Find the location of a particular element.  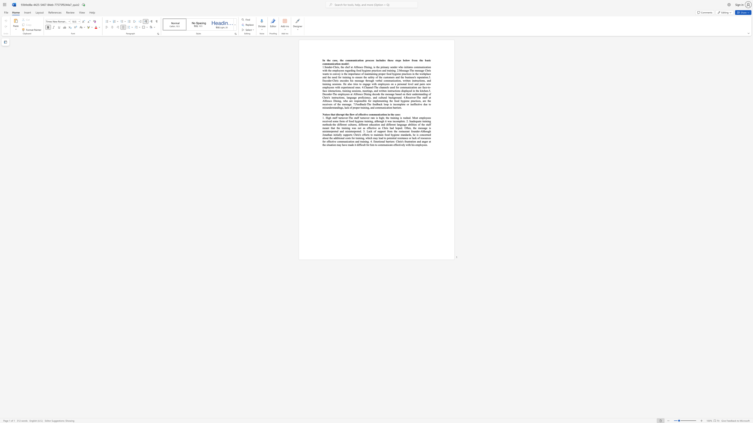

the 1th character "s" in the text is located at coordinates (338, 67).